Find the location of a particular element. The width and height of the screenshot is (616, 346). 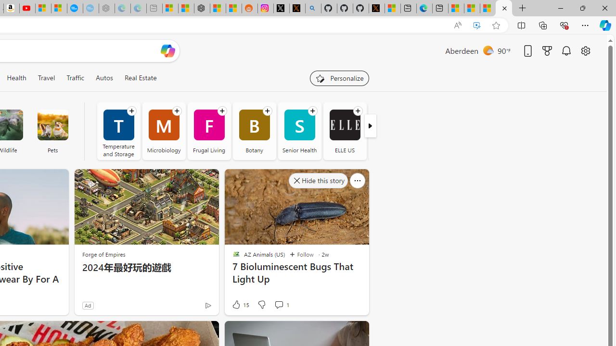

'View comments 1 Comment' is located at coordinates (281, 304).